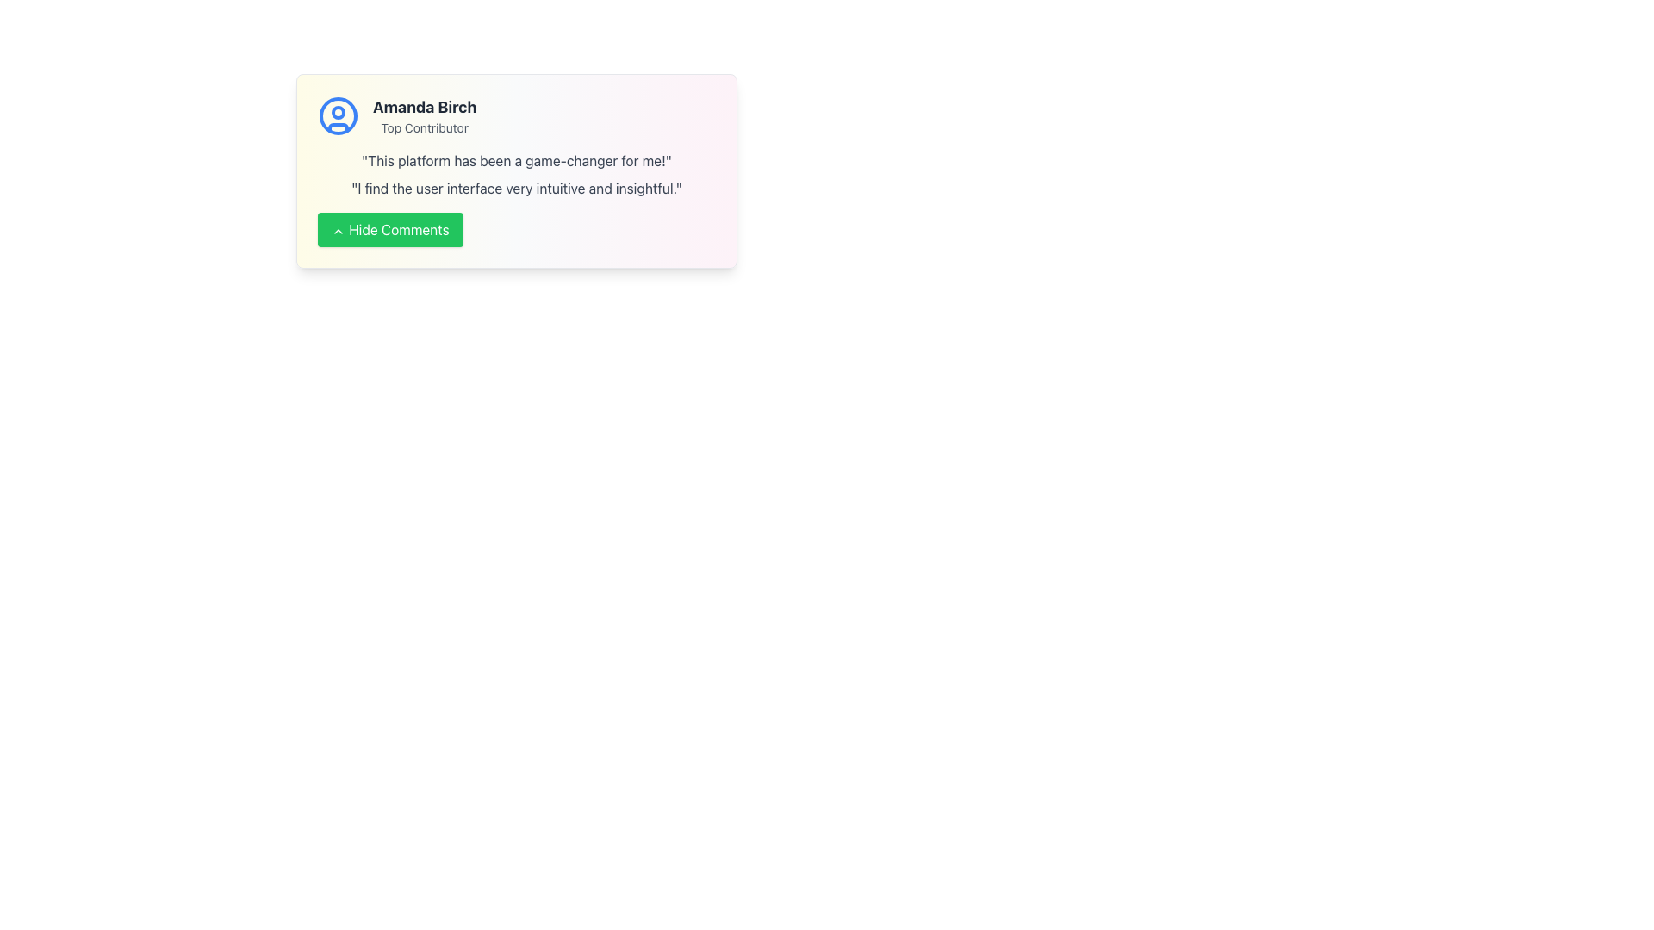 The width and height of the screenshot is (1654, 930). Describe the element at coordinates (516, 189) in the screenshot. I see `user's feedback text located below the comment 'This platform has been a game-changer for me!', which is the second text element in the user feedback box` at that location.